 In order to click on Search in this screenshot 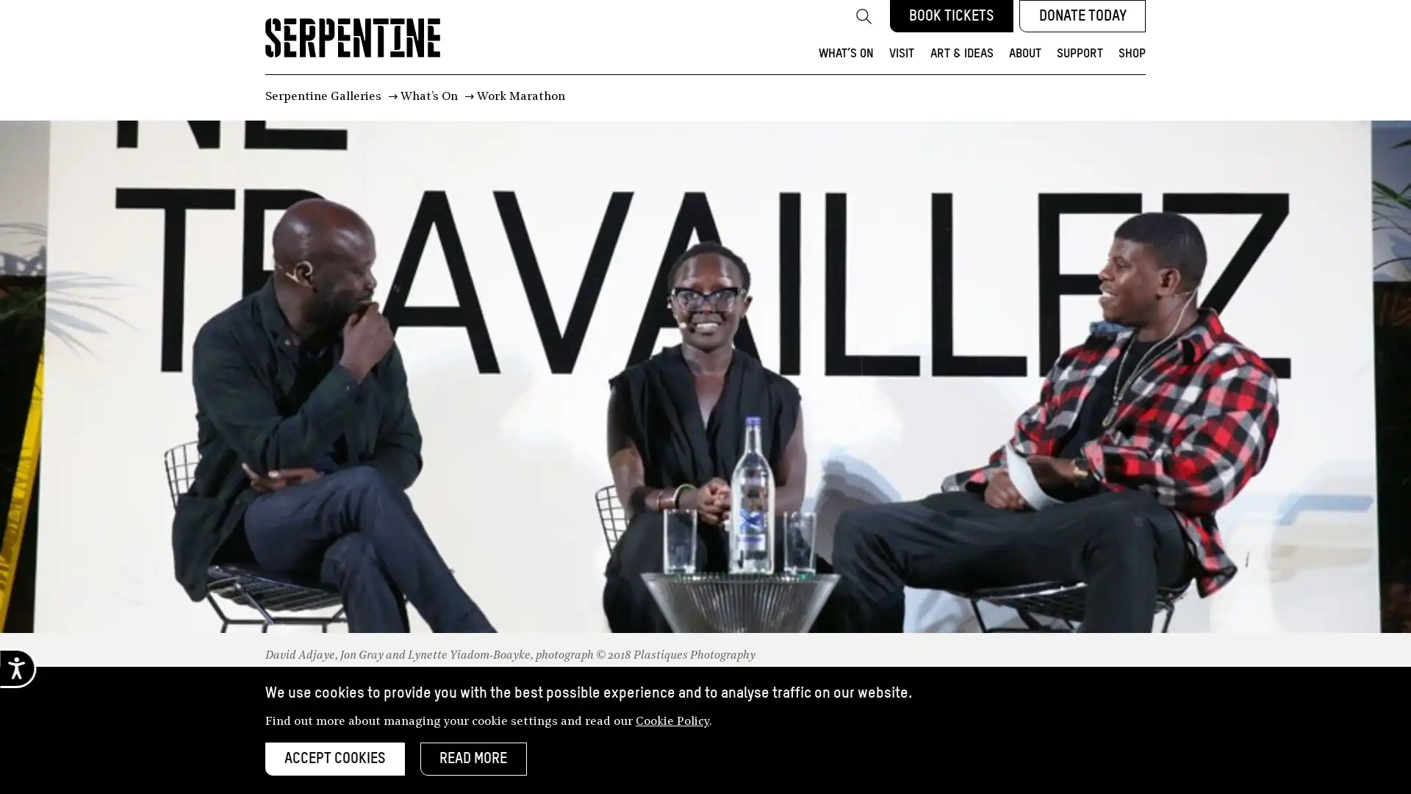, I will do `click(863, 16)`.